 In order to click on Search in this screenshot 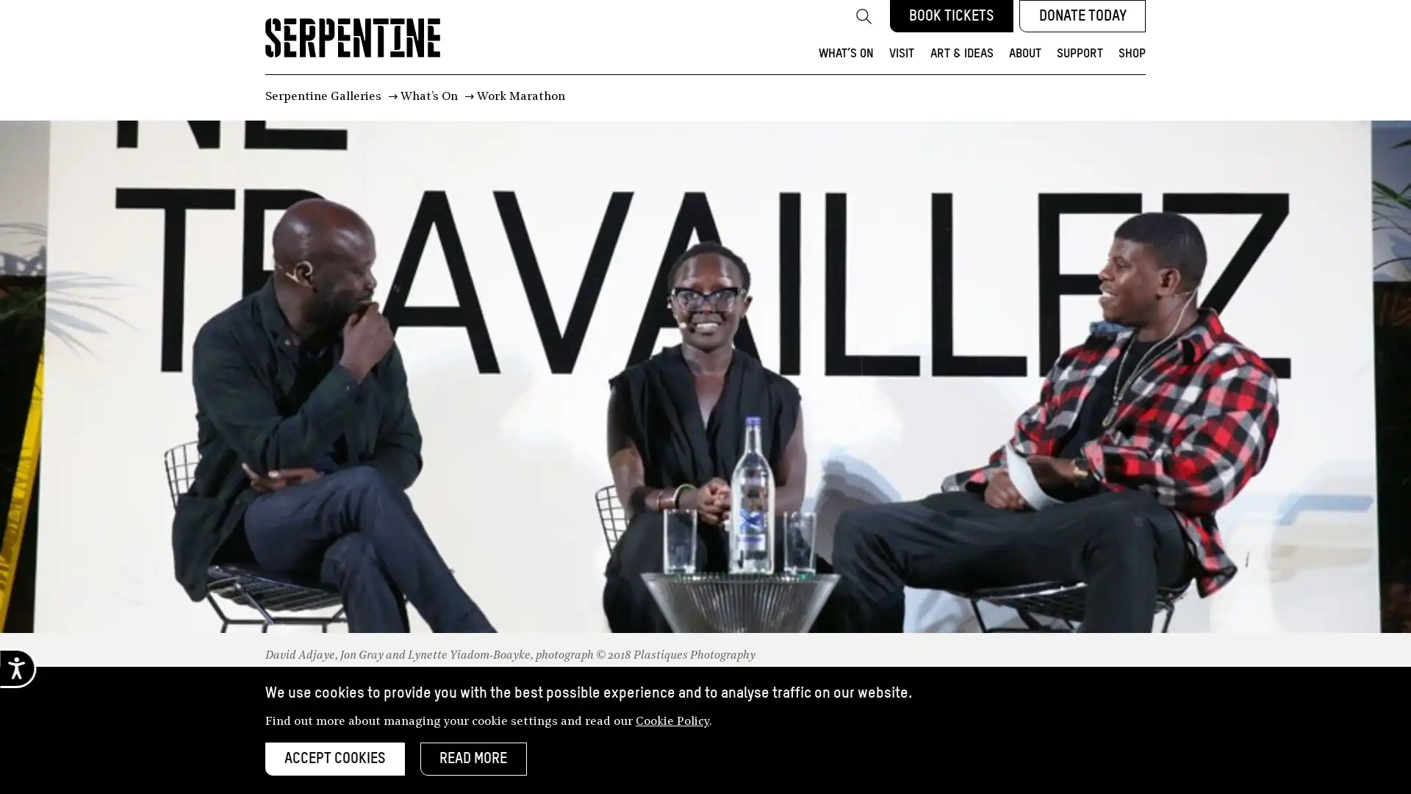, I will do `click(863, 16)`.